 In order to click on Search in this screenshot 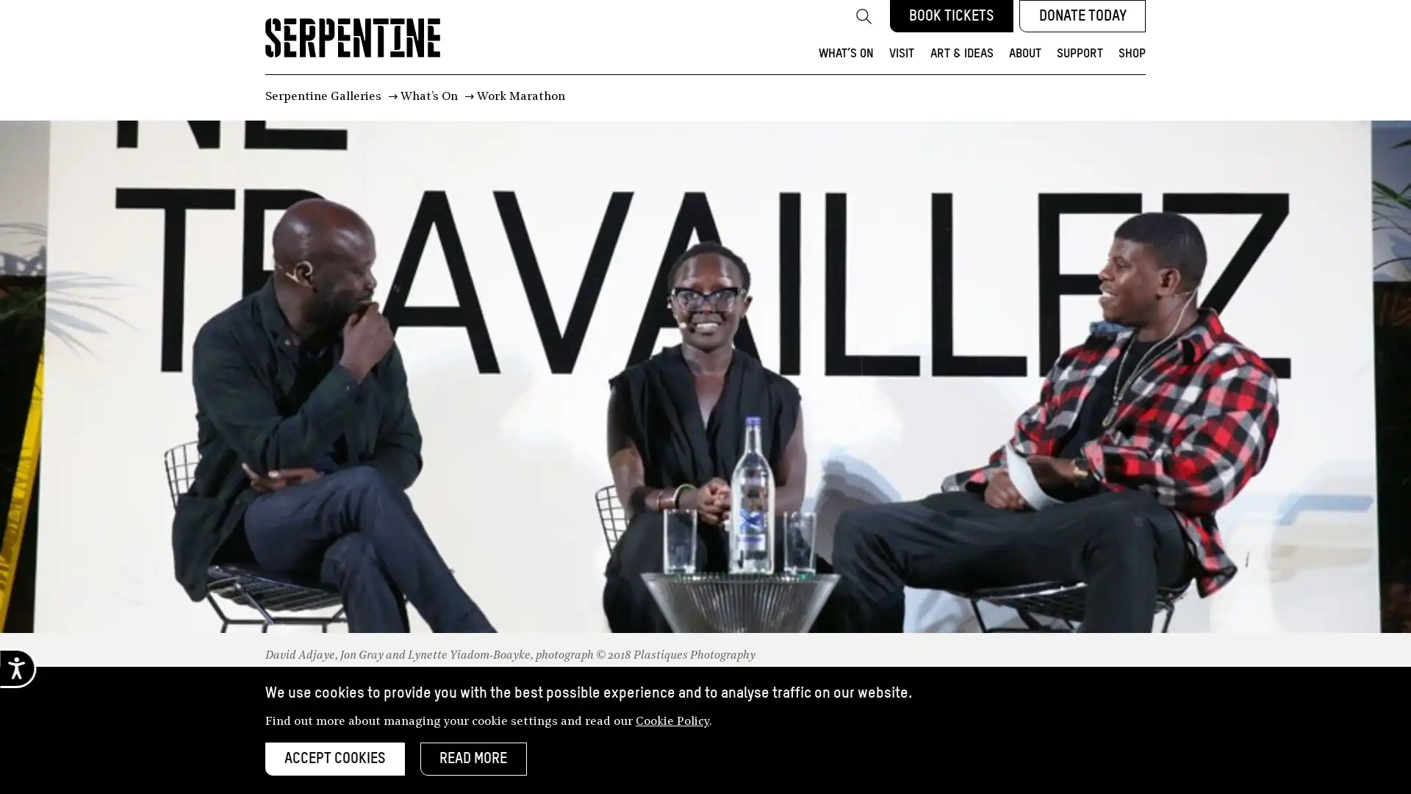, I will do `click(863, 16)`.